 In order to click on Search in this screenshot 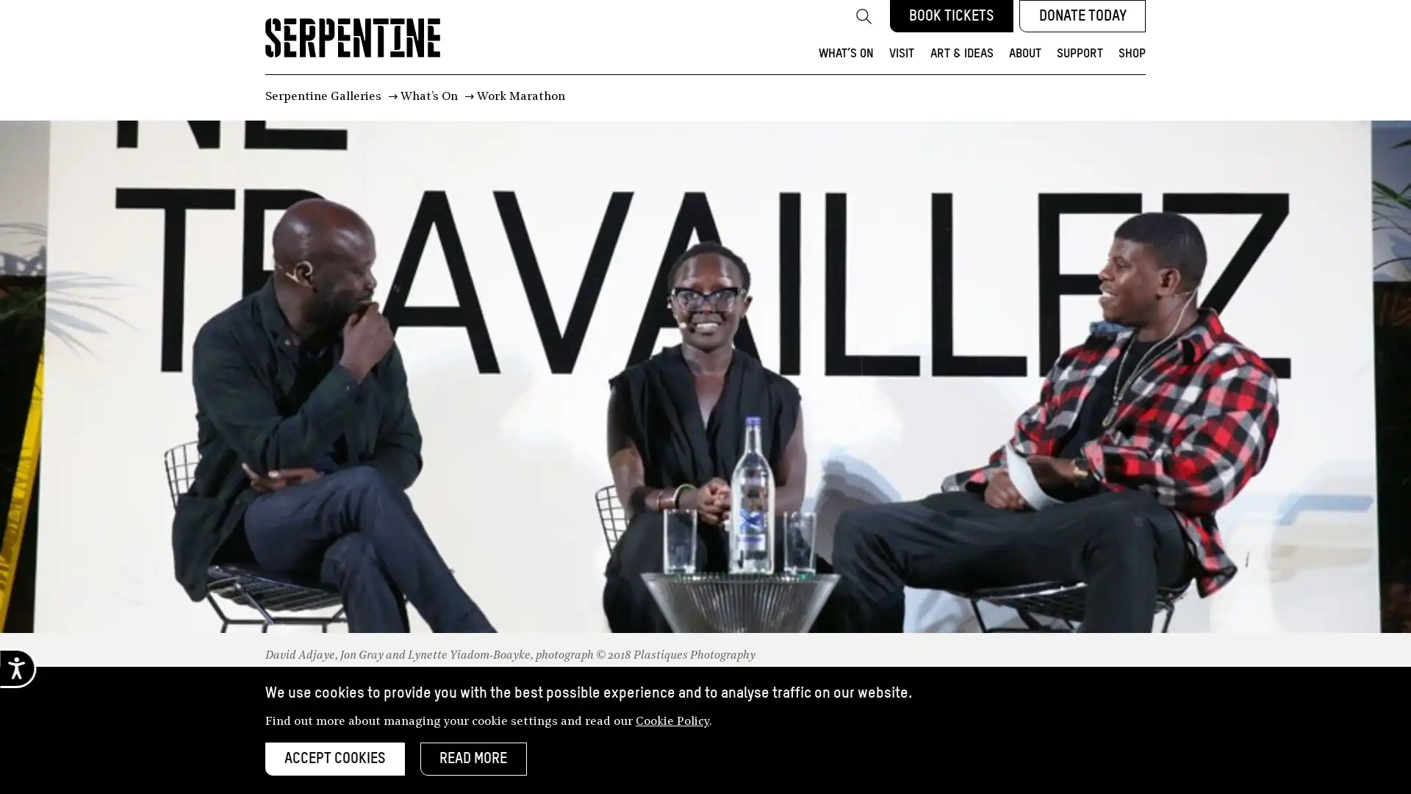, I will do `click(863, 16)`.